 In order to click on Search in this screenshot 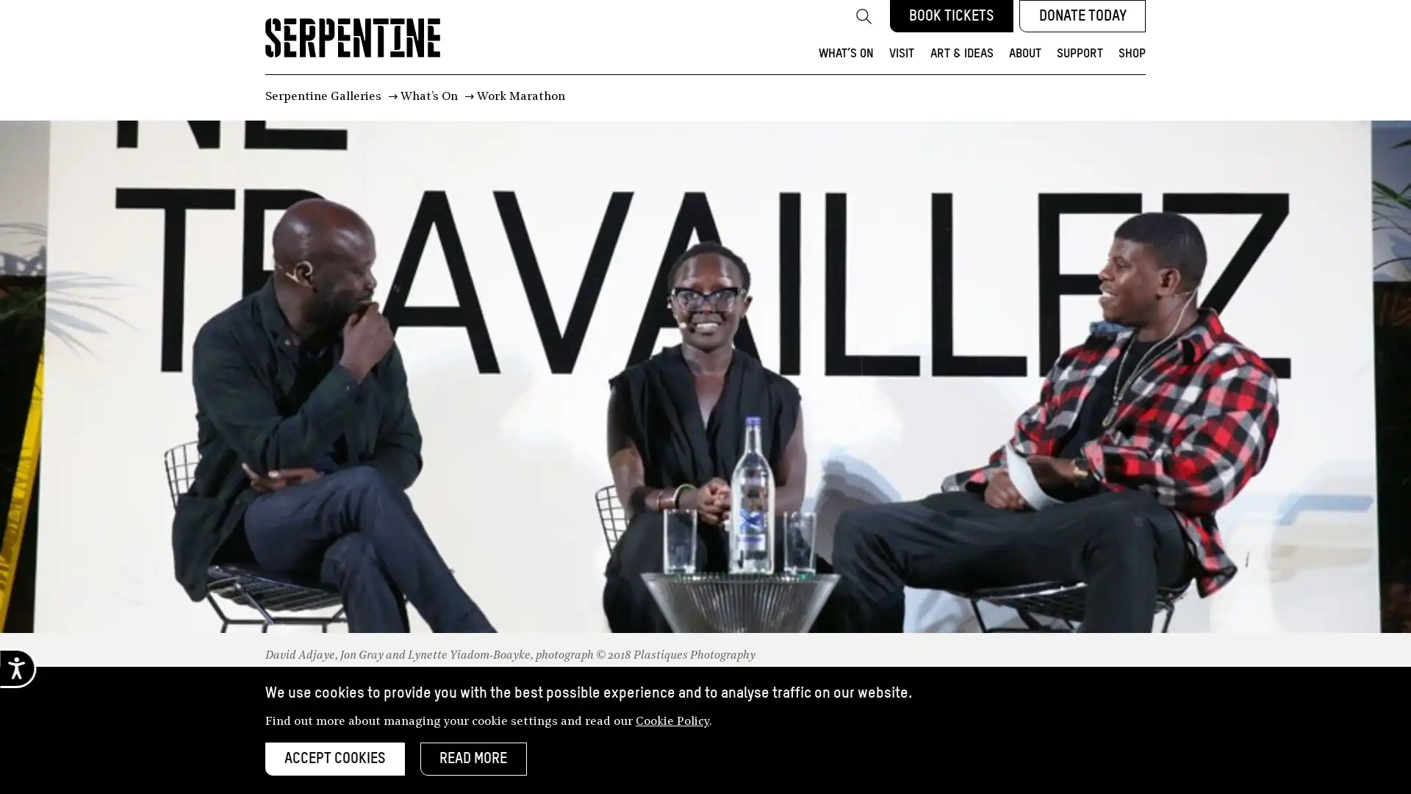, I will do `click(863, 16)`.